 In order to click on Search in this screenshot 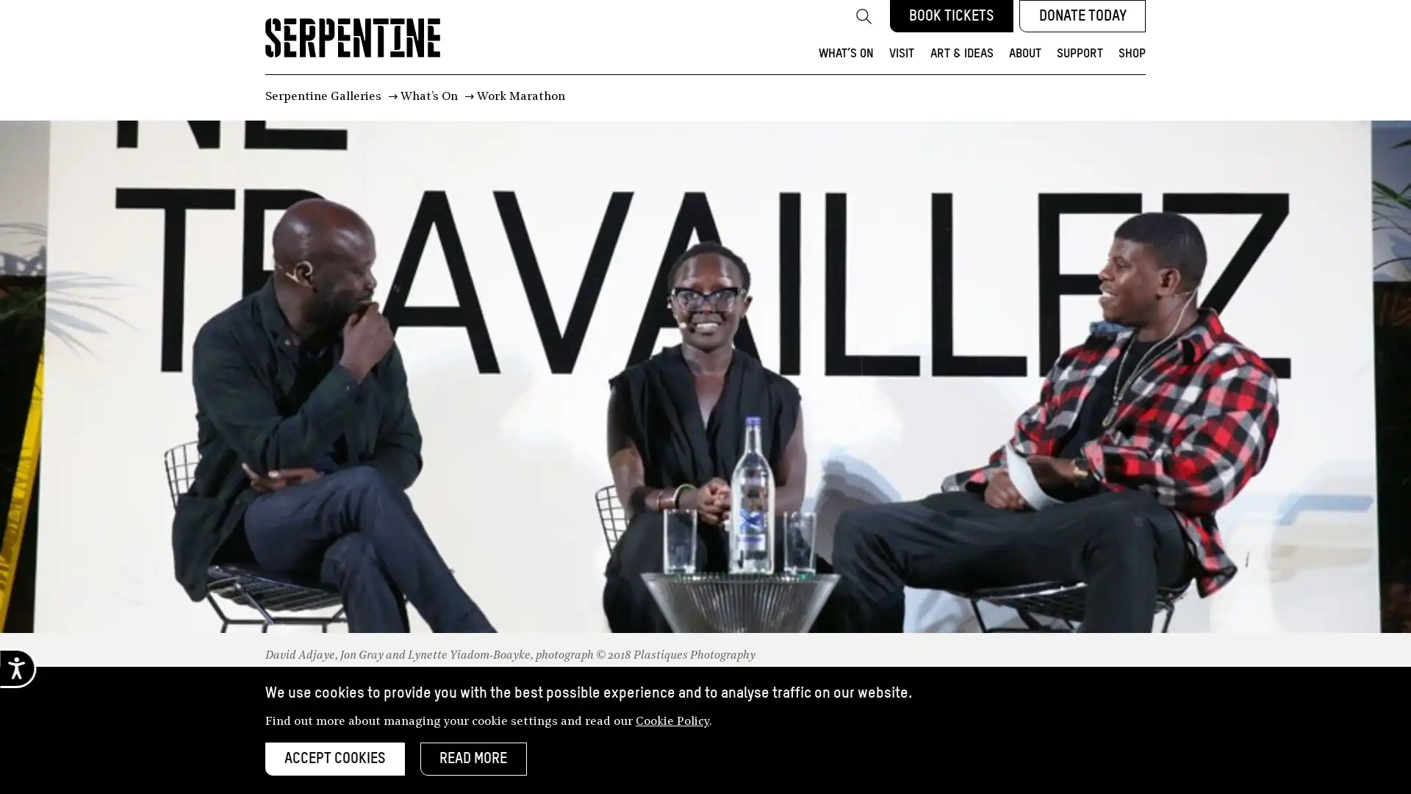, I will do `click(863, 16)`.